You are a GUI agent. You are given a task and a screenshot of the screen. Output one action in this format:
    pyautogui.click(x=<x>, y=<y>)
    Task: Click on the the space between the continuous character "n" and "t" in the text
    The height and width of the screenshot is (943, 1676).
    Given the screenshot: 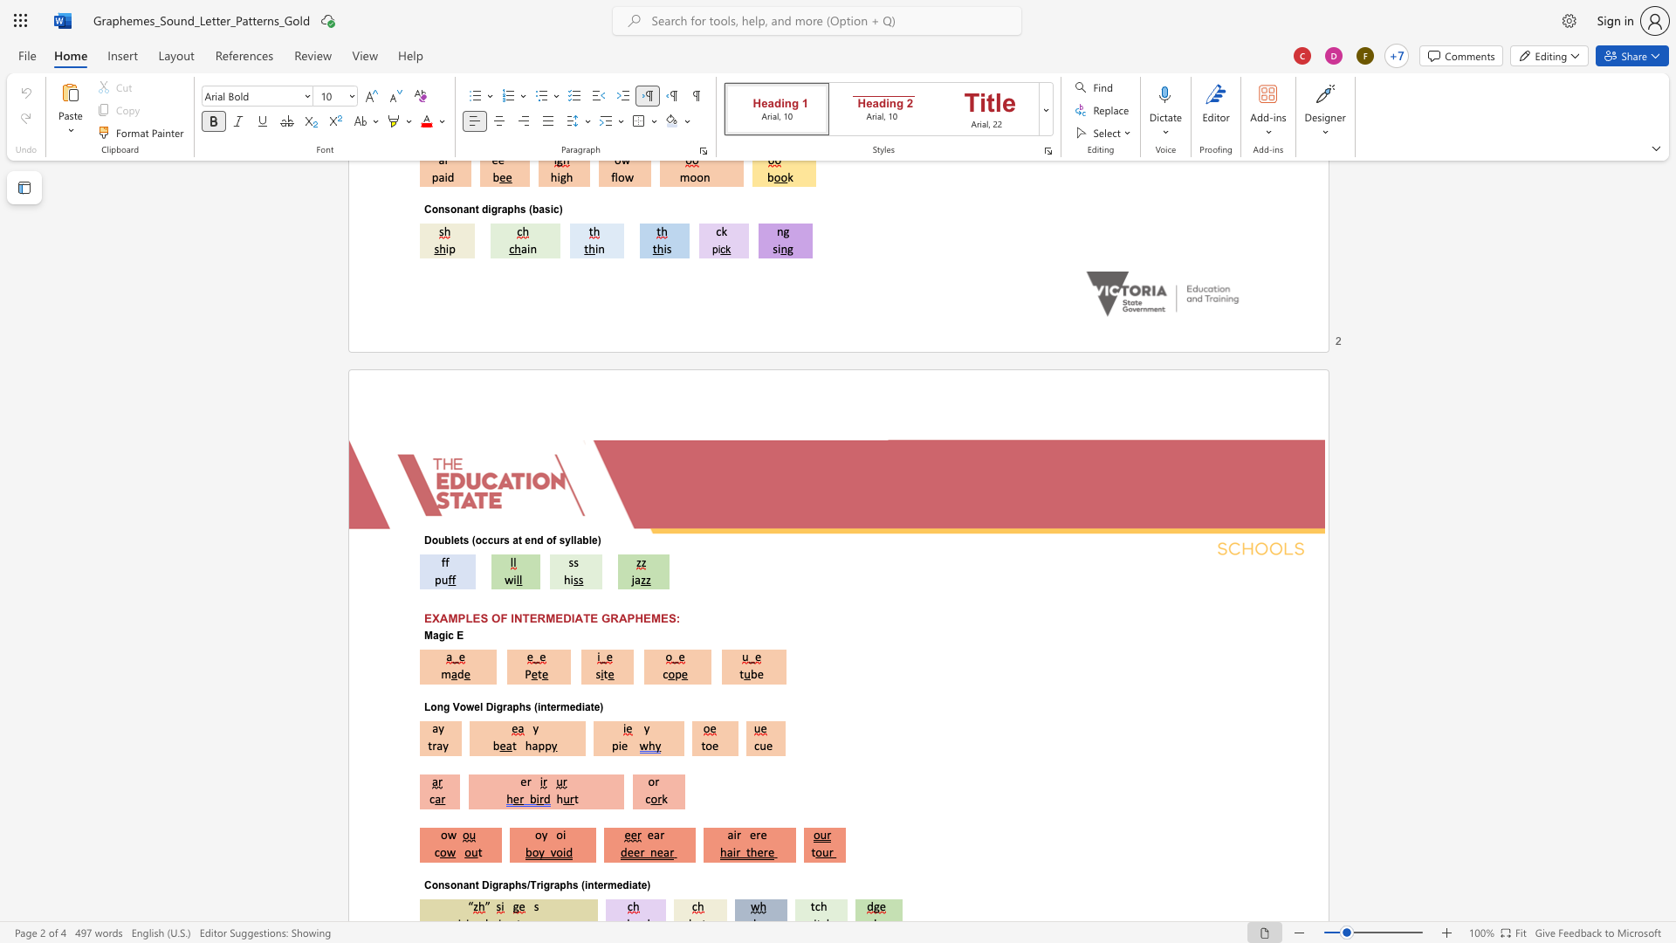 What is the action you would take?
    pyautogui.click(x=545, y=706)
    